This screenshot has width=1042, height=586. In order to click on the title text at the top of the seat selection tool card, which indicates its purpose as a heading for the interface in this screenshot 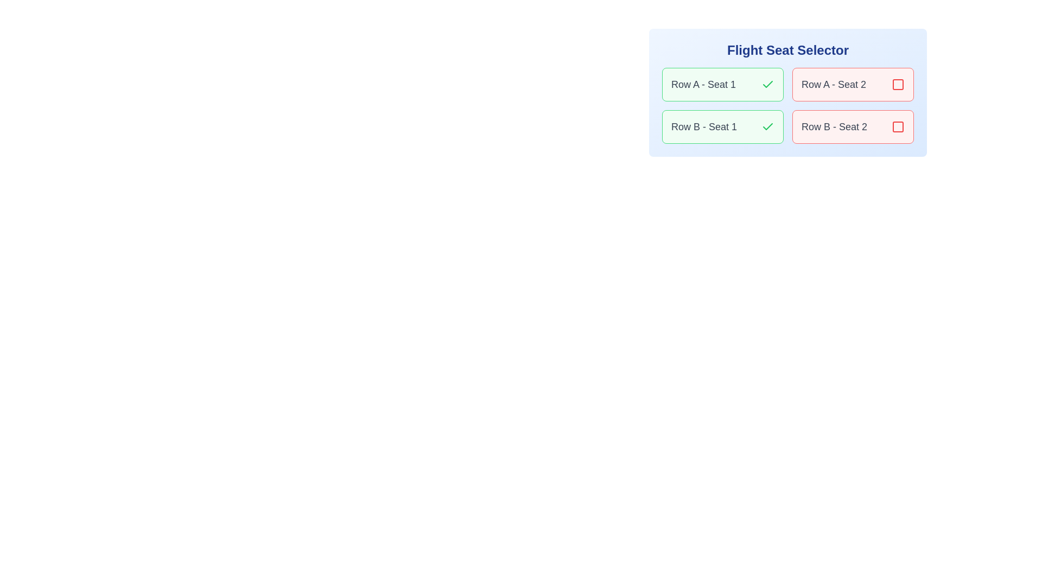, I will do `click(787, 50)`.